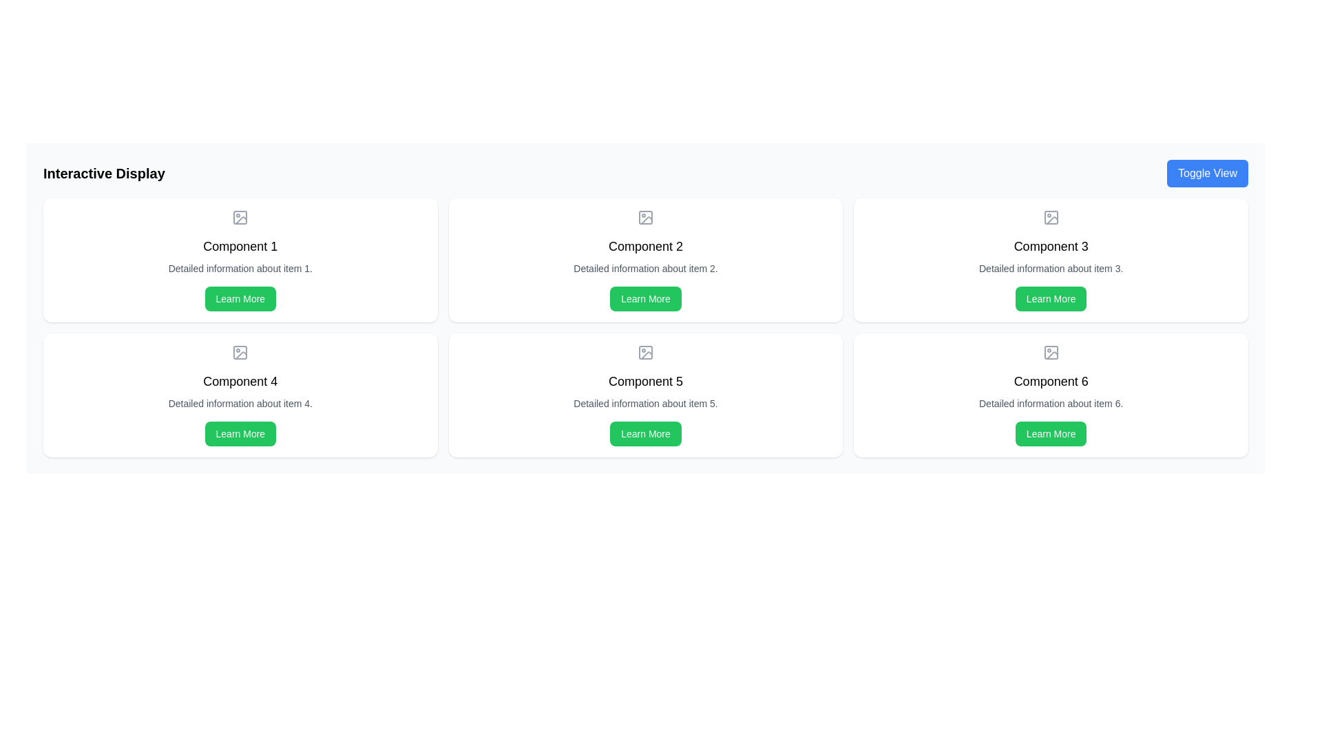  I want to click on the image placeholder icon in the 'Component 5' section, which serves as a visual cue for the component's context, so click(644, 352).